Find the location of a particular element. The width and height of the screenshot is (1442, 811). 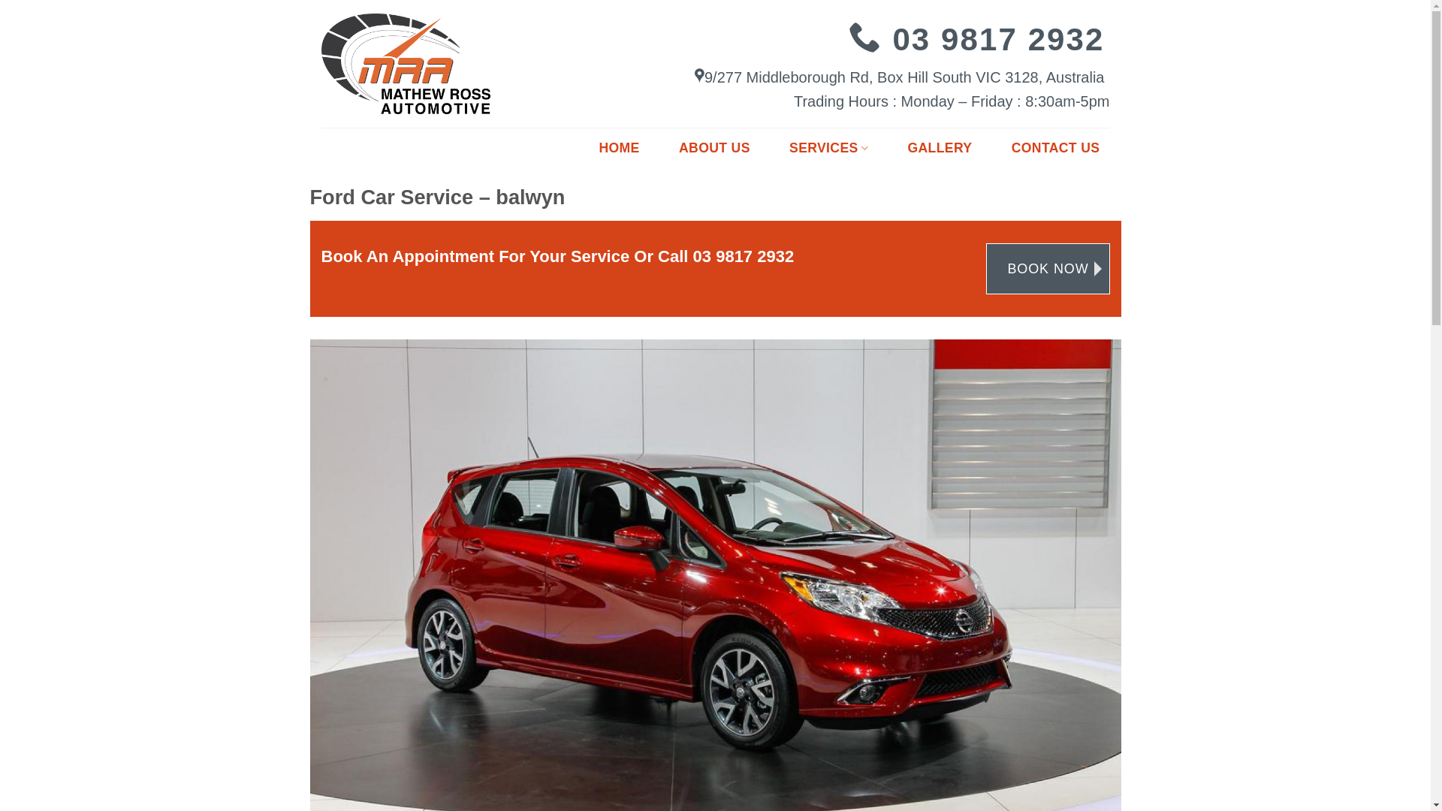

'ABOUT US' is located at coordinates (668, 148).